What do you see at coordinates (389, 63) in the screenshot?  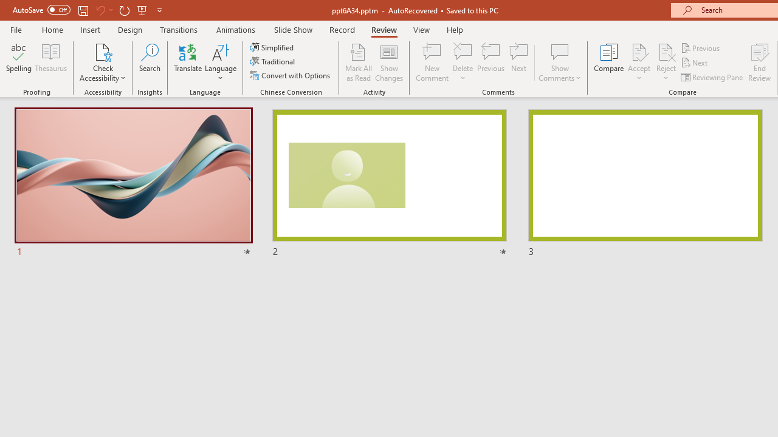 I see `'Show Changes'` at bounding box center [389, 63].